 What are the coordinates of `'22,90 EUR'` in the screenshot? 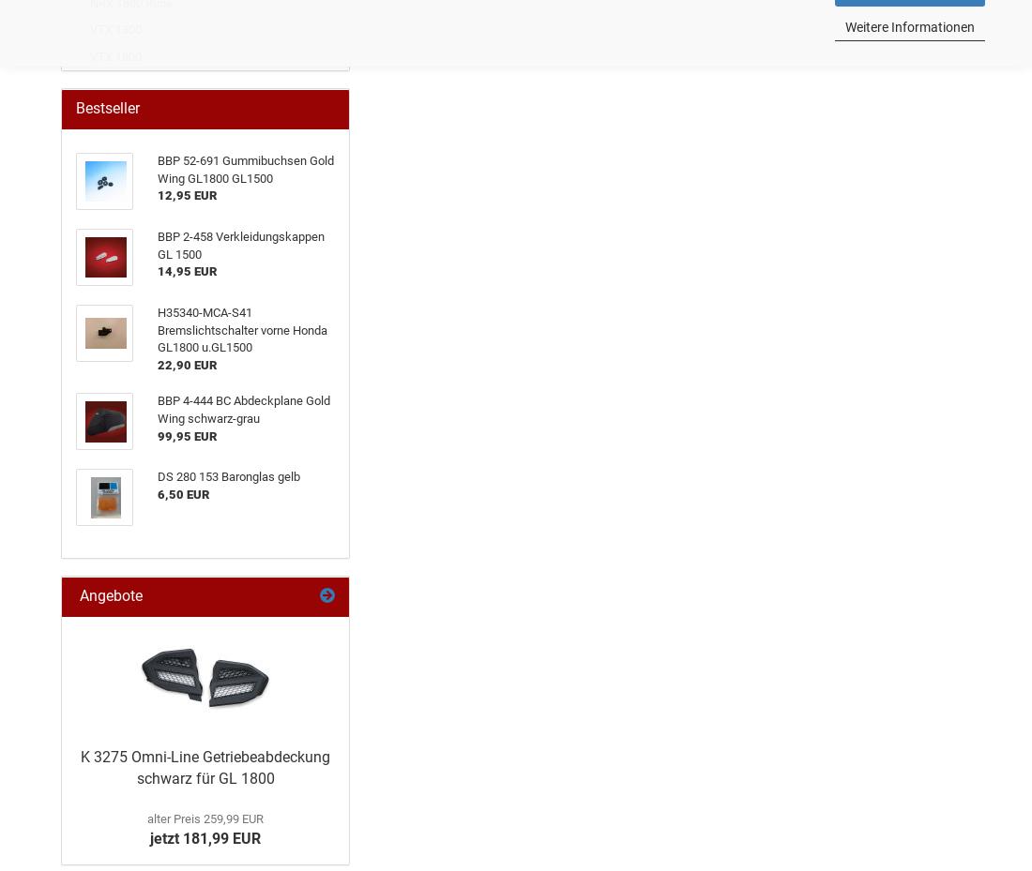 It's located at (186, 363).